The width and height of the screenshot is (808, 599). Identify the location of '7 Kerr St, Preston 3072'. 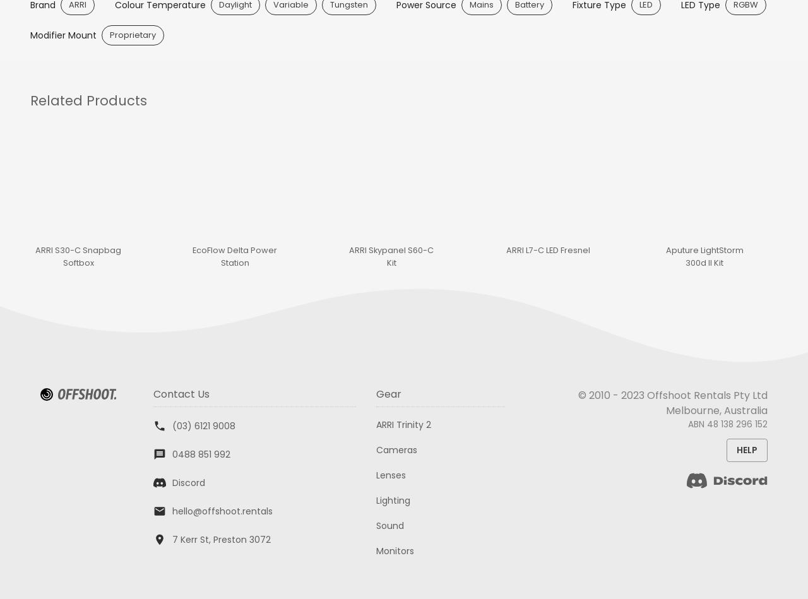
(220, 538).